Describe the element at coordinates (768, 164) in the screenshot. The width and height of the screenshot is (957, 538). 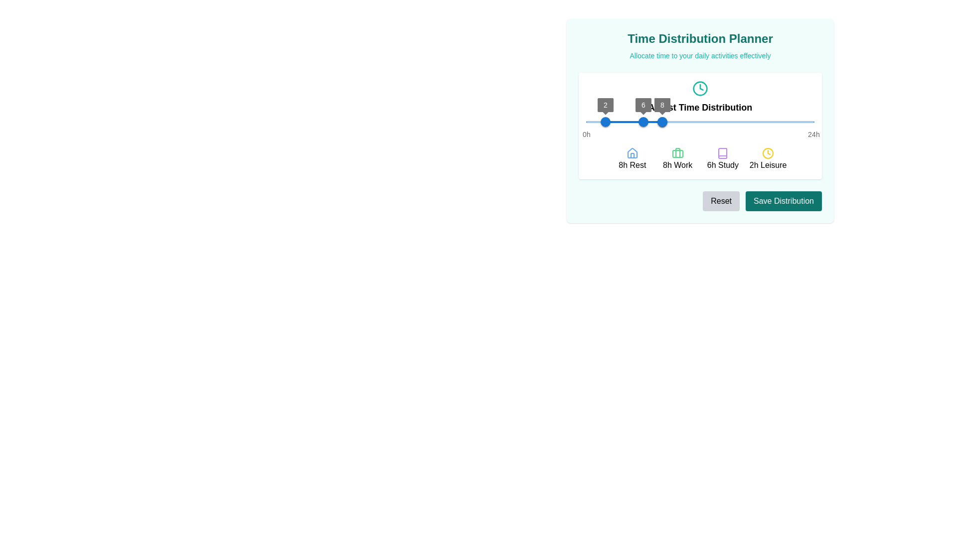
I see `the label that reads '2h Leisure', styled with a standard font, located in the 'Time Distribution' area, aligned with similar sections for durations of activities` at that location.